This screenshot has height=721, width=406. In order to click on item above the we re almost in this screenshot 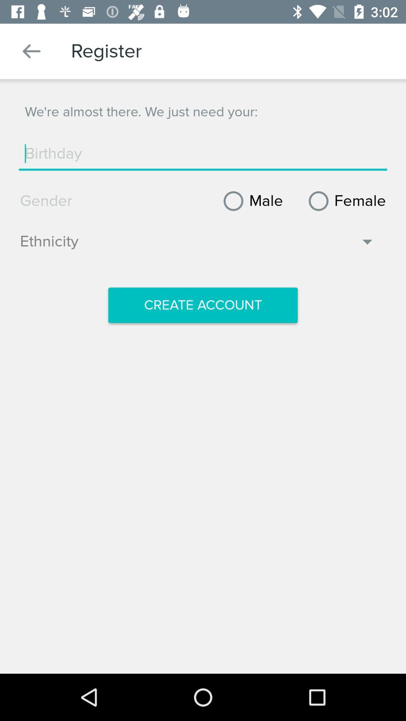, I will do `click(31, 51)`.